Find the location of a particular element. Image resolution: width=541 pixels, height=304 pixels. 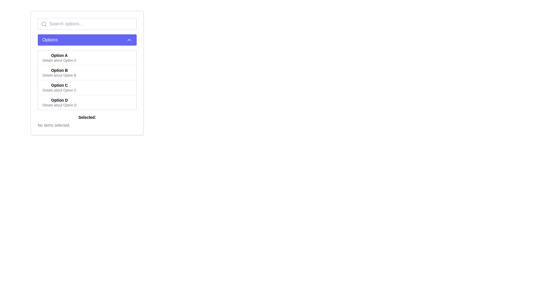

the icon located at the far right end of the 'Options' button is located at coordinates (129, 40).